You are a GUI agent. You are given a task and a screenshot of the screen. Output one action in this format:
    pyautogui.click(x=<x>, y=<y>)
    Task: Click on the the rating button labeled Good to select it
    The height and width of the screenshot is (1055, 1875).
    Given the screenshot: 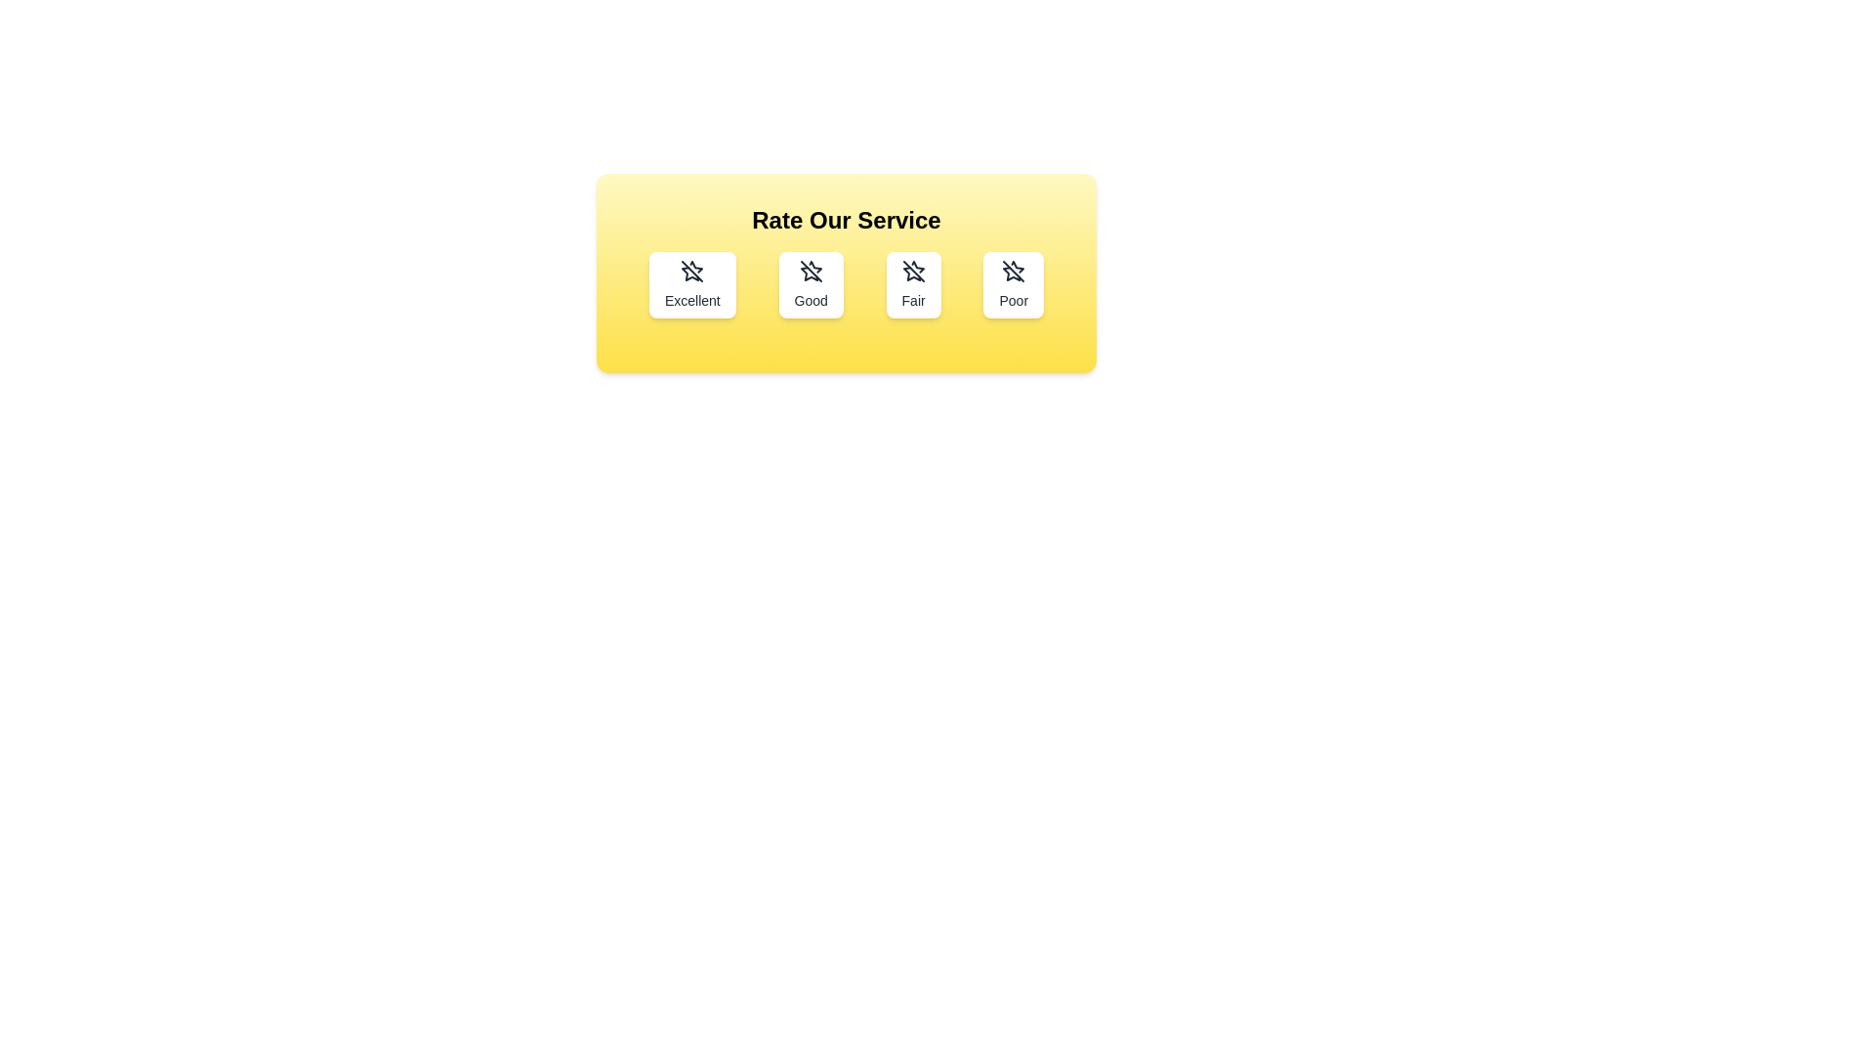 What is the action you would take?
    pyautogui.click(x=811, y=285)
    